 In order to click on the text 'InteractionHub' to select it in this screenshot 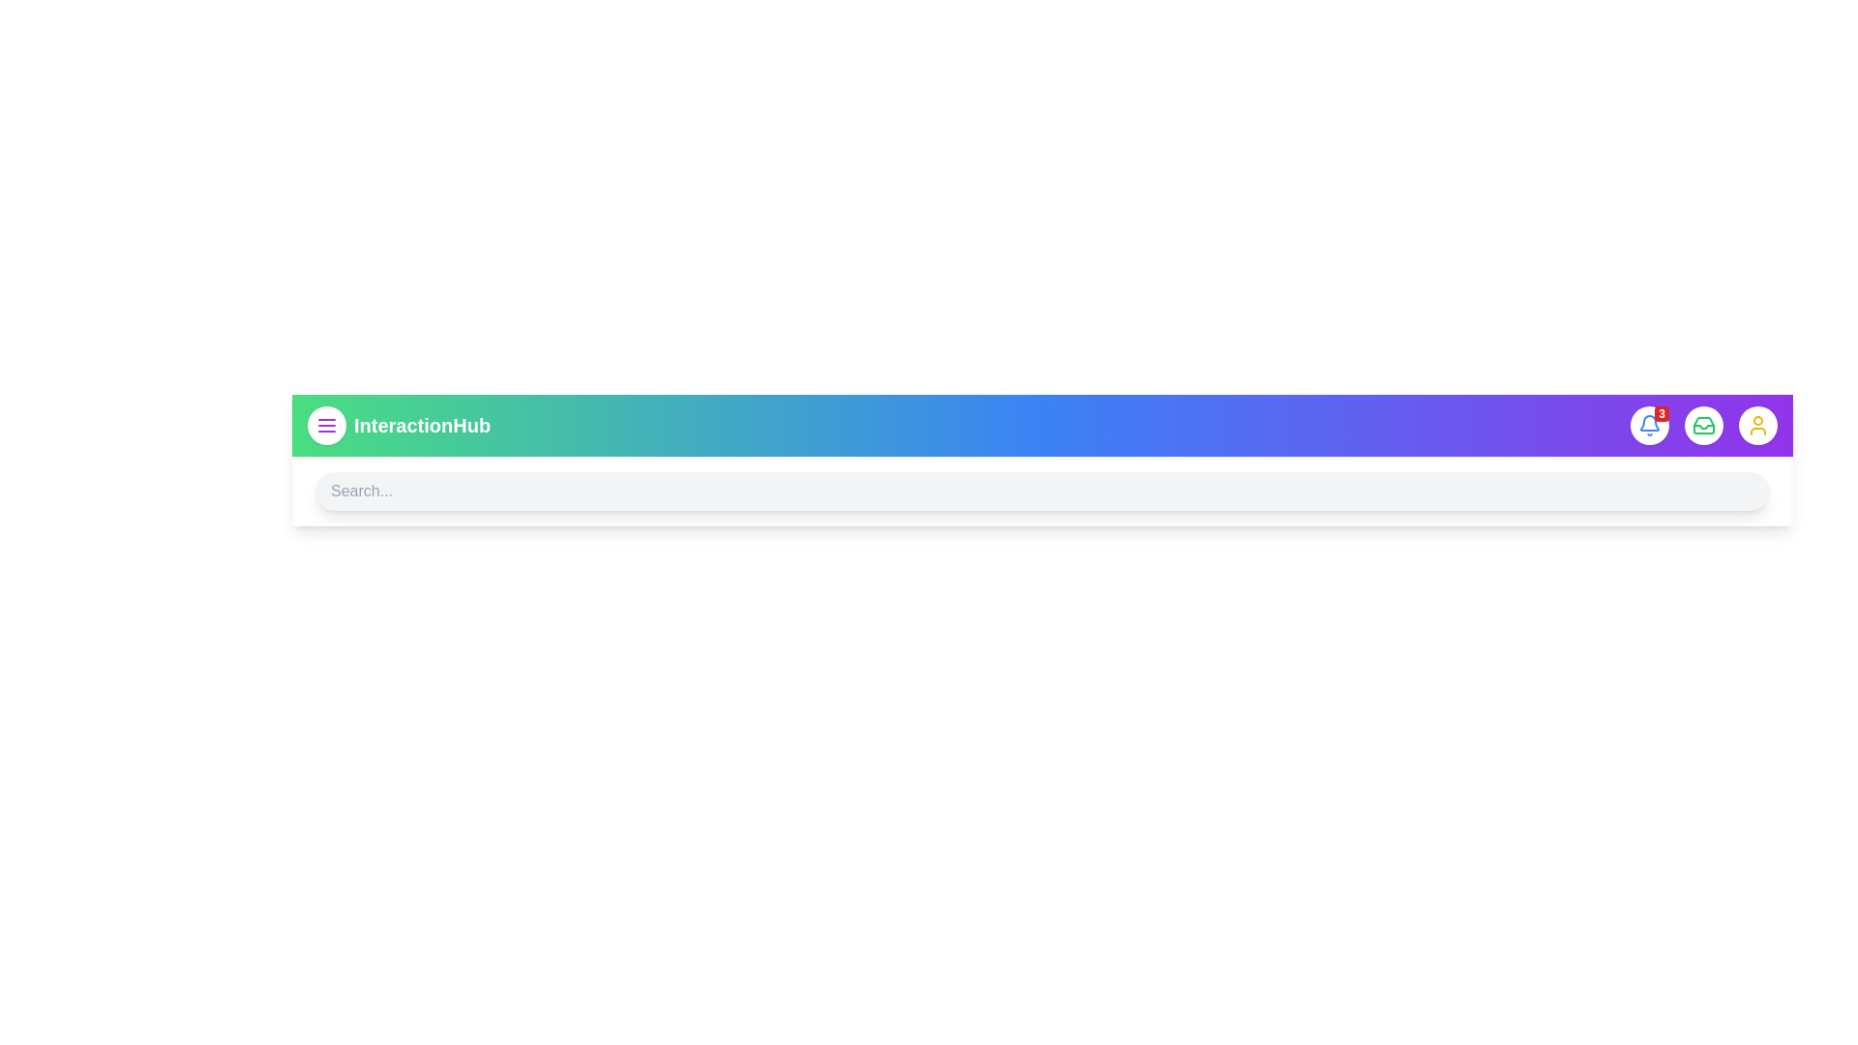, I will do `click(398, 424)`.